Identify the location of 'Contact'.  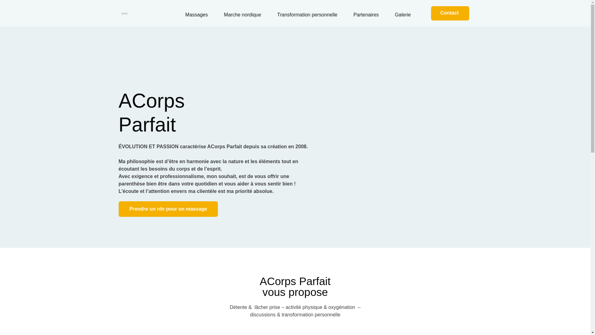
(450, 13).